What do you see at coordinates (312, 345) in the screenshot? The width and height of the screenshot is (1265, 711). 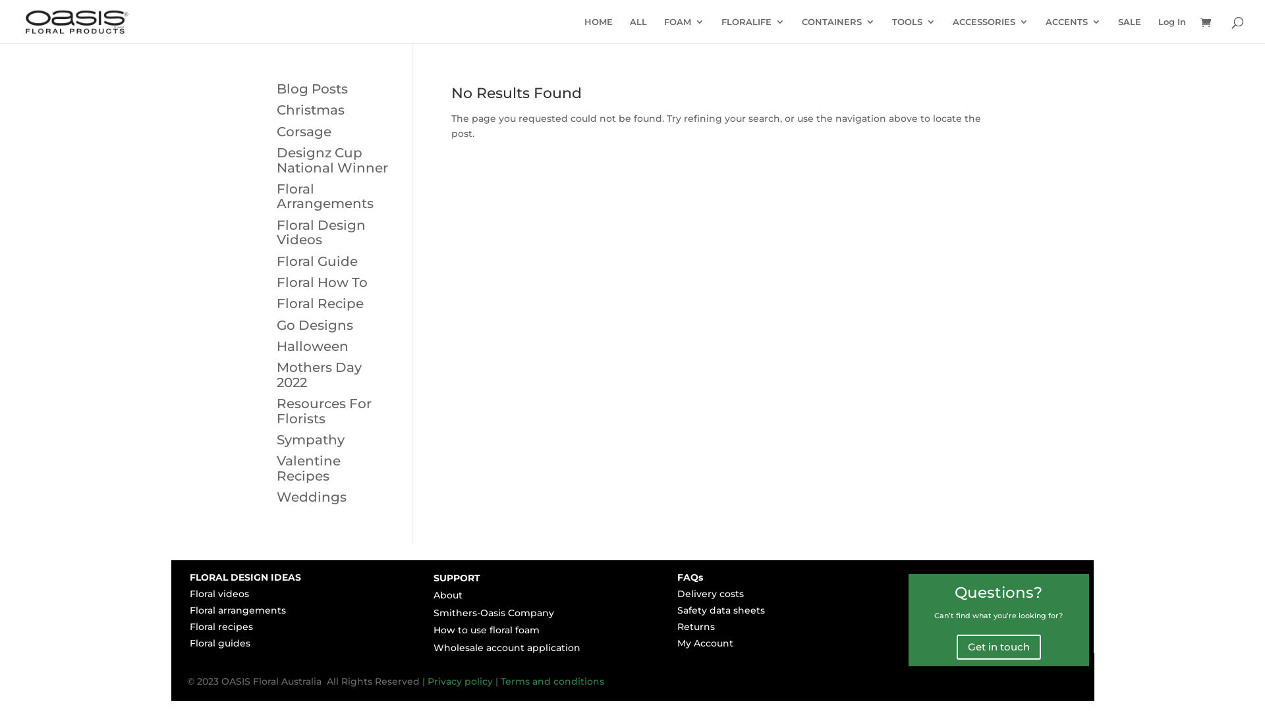 I see `'Halloween'` at bounding box center [312, 345].